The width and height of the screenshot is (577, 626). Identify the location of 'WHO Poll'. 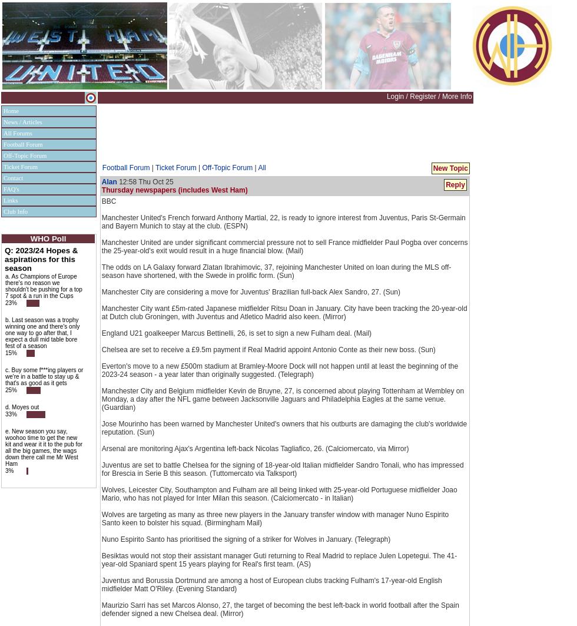
(48, 239).